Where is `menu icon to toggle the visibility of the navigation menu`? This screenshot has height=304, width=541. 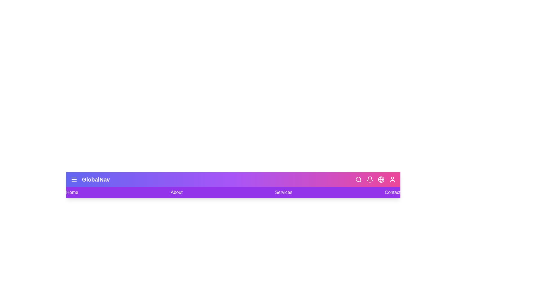 menu icon to toggle the visibility of the navigation menu is located at coordinates (74, 179).